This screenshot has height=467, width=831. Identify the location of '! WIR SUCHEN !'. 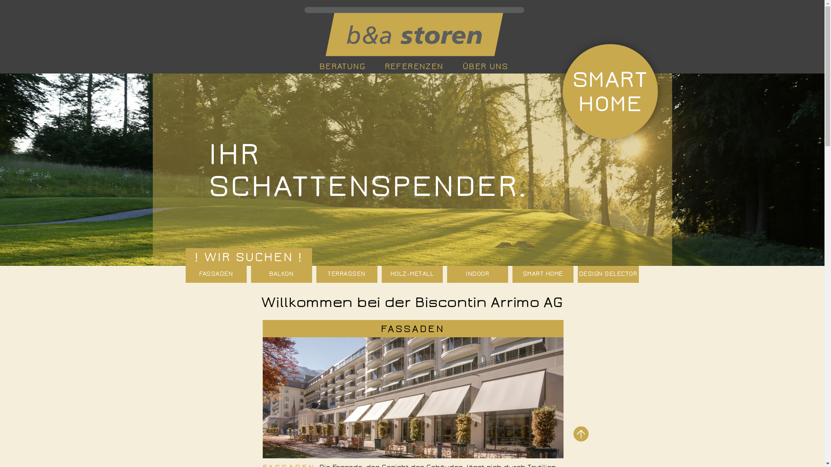
(248, 256).